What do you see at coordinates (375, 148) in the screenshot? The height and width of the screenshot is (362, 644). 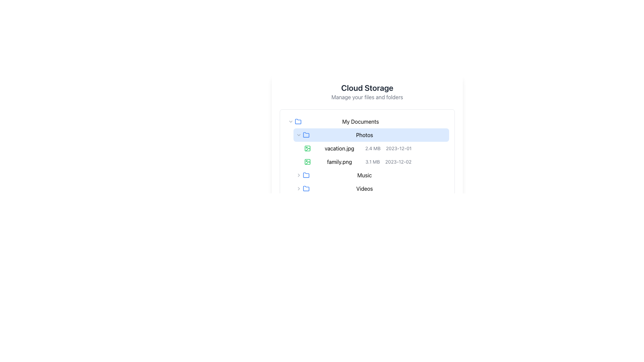 I see `the file information row displaying 'vacation.jpg', which is the first file entry under the 'Photos' folder` at bounding box center [375, 148].